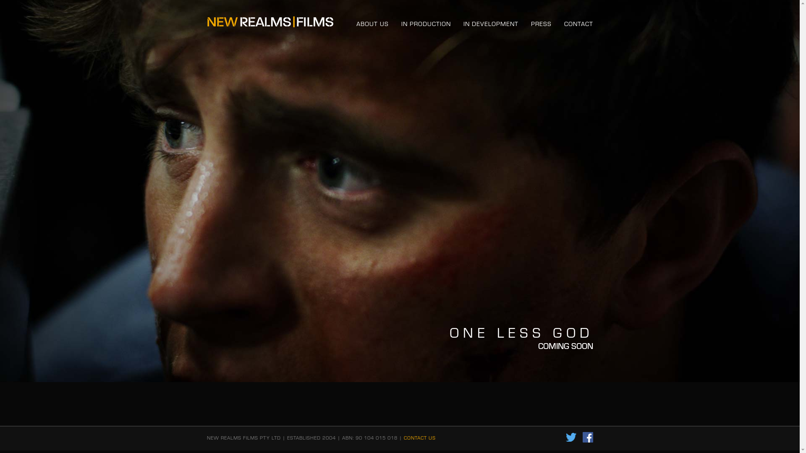 The image size is (806, 453). I want to click on 'CONTACT', so click(578, 23).